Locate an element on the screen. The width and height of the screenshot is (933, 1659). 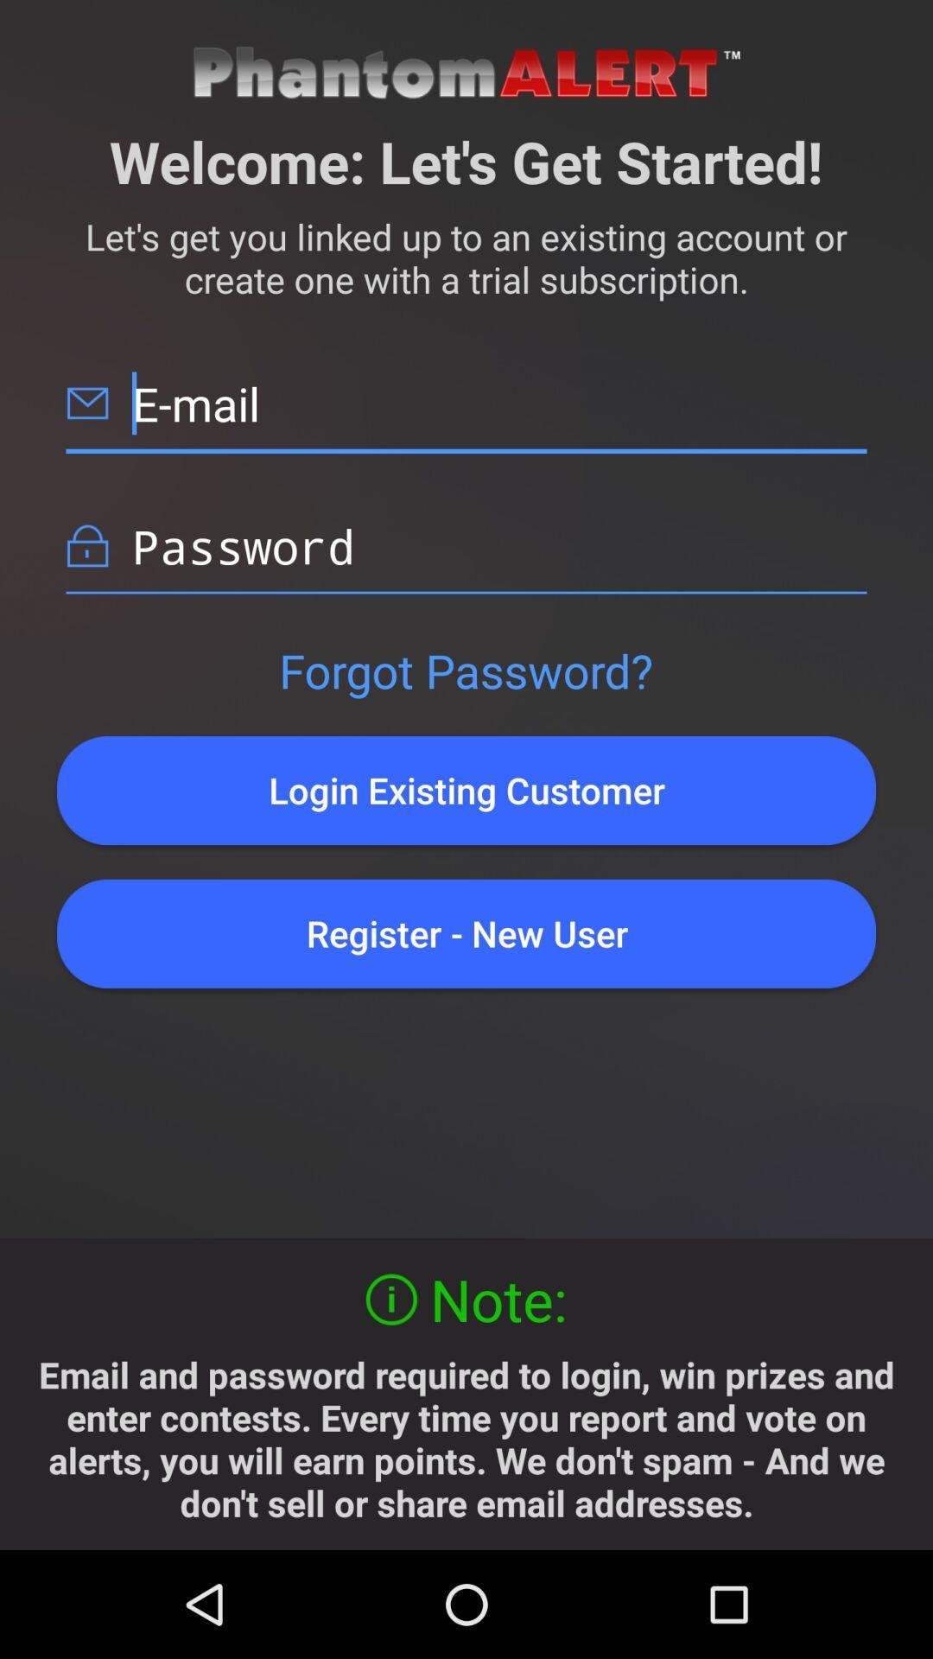
the forgot password? is located at coordinates (465, 669).